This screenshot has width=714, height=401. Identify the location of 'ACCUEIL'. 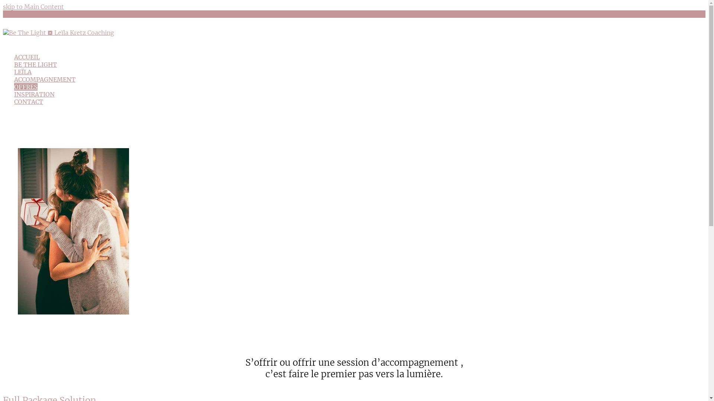
(27, 57).